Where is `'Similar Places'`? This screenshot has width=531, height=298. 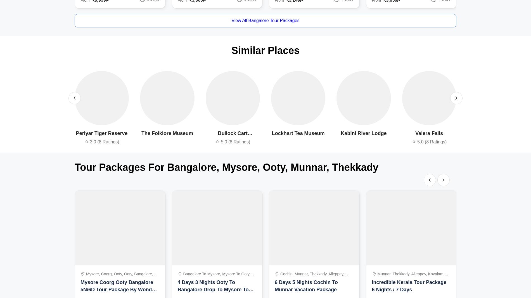 'Similar Places' is located at coordinates (265, 50).